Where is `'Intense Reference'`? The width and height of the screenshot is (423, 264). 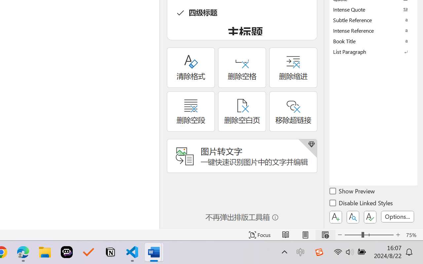
'Intense Reference' is located at coordinates (373, 30).